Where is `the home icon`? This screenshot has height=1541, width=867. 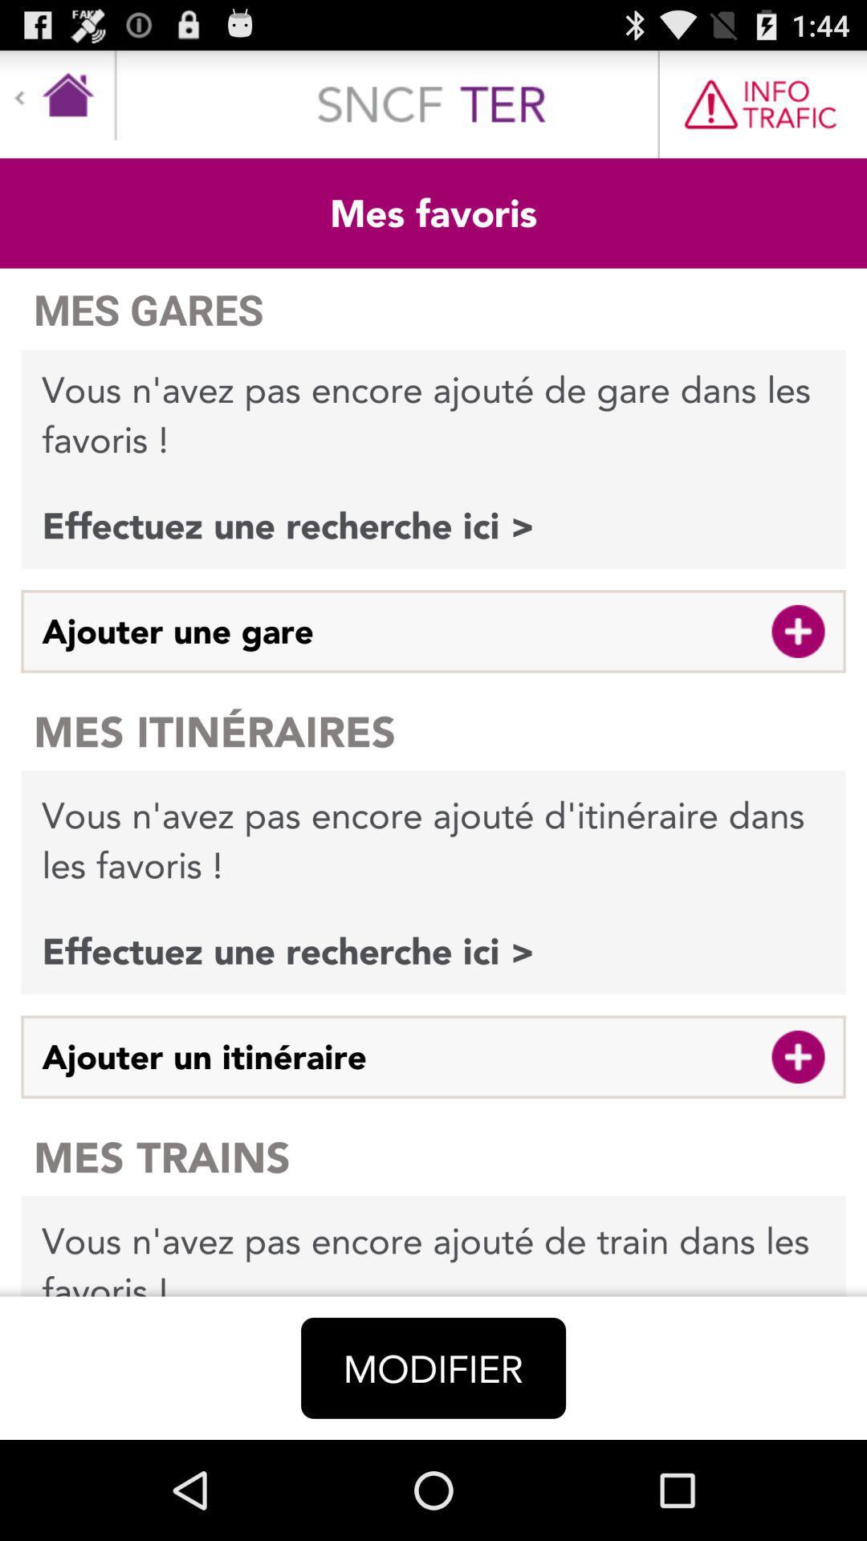 the home icon is located at coordinates (57, 101).